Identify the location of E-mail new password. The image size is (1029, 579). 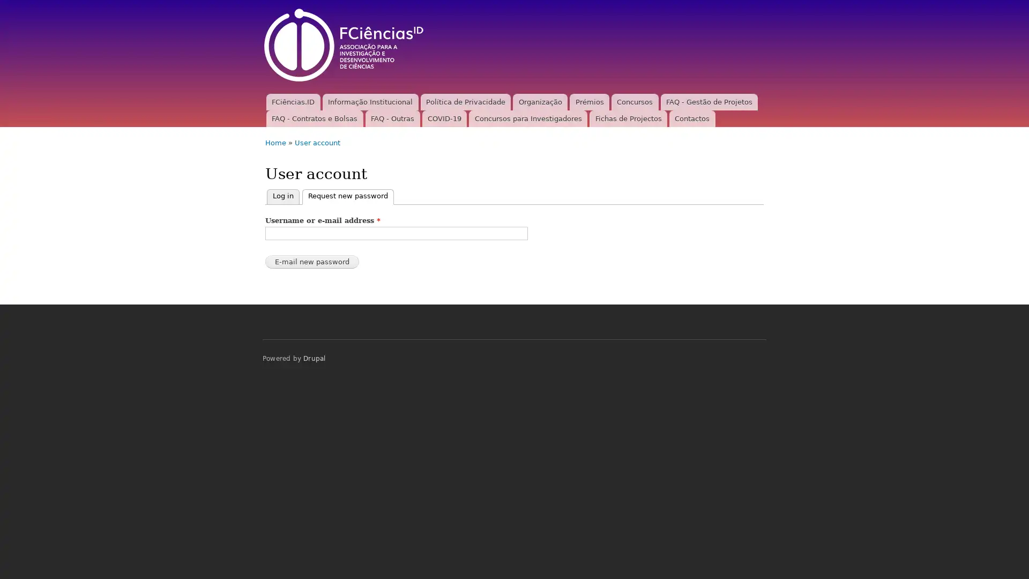
(311, 262).